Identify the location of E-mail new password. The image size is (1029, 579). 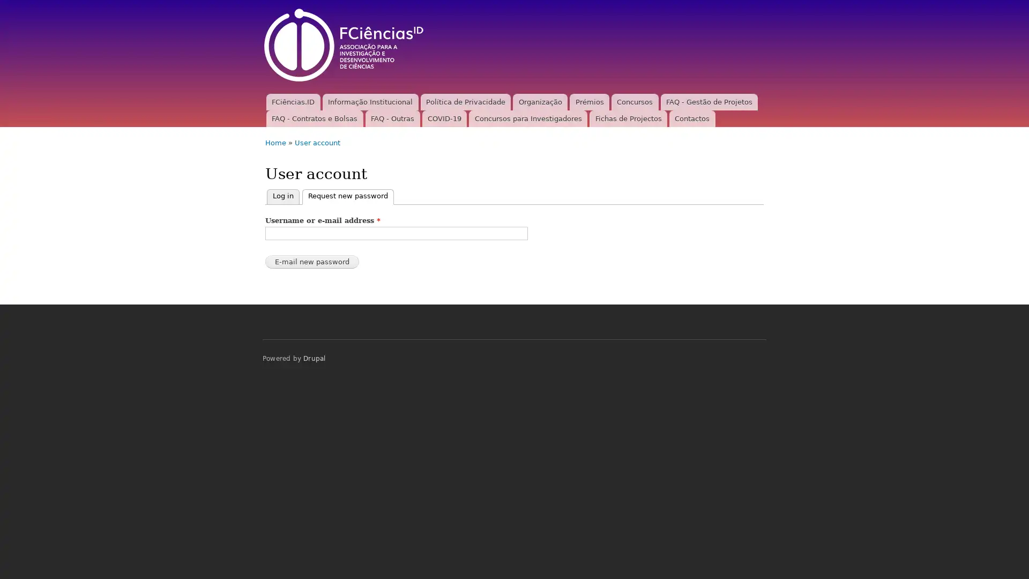
(311, 262).